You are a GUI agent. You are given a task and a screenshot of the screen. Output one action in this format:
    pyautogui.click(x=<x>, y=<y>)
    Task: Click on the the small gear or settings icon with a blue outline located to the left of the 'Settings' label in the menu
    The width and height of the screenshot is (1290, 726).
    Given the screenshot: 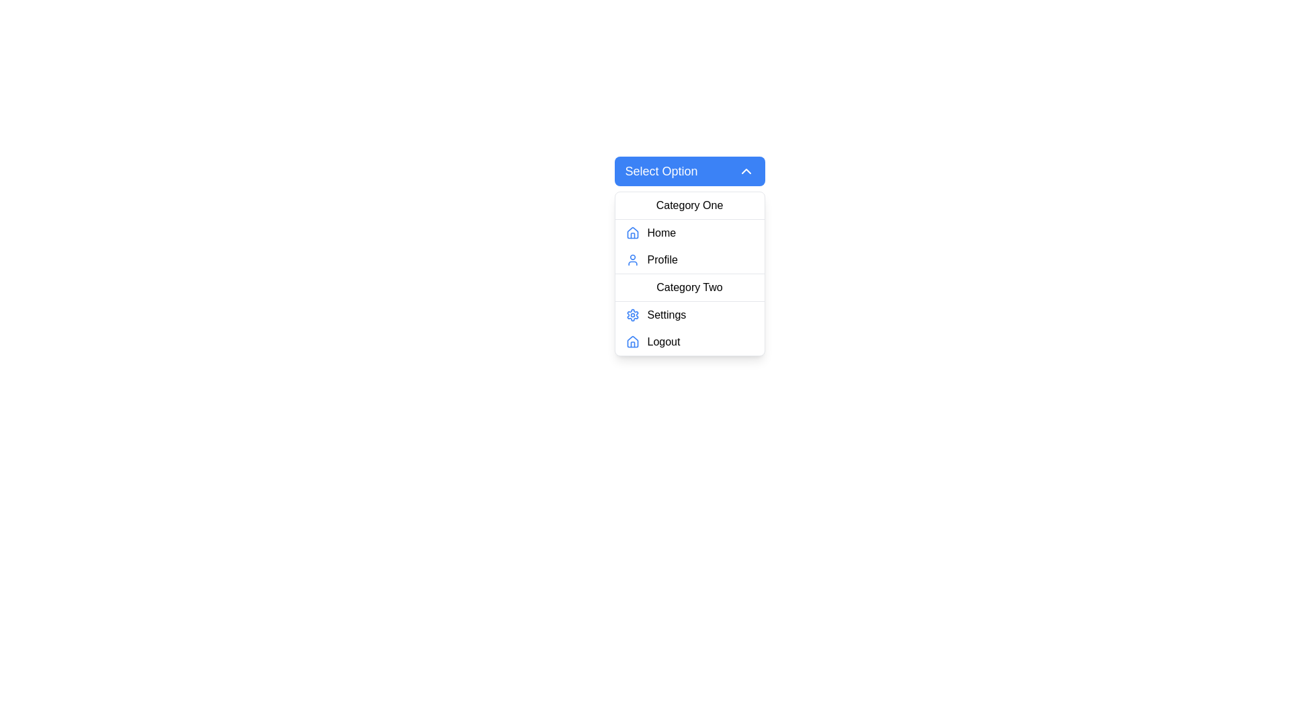 What is the action you would take?
    pyautogui.click(x=632, y=315)
    